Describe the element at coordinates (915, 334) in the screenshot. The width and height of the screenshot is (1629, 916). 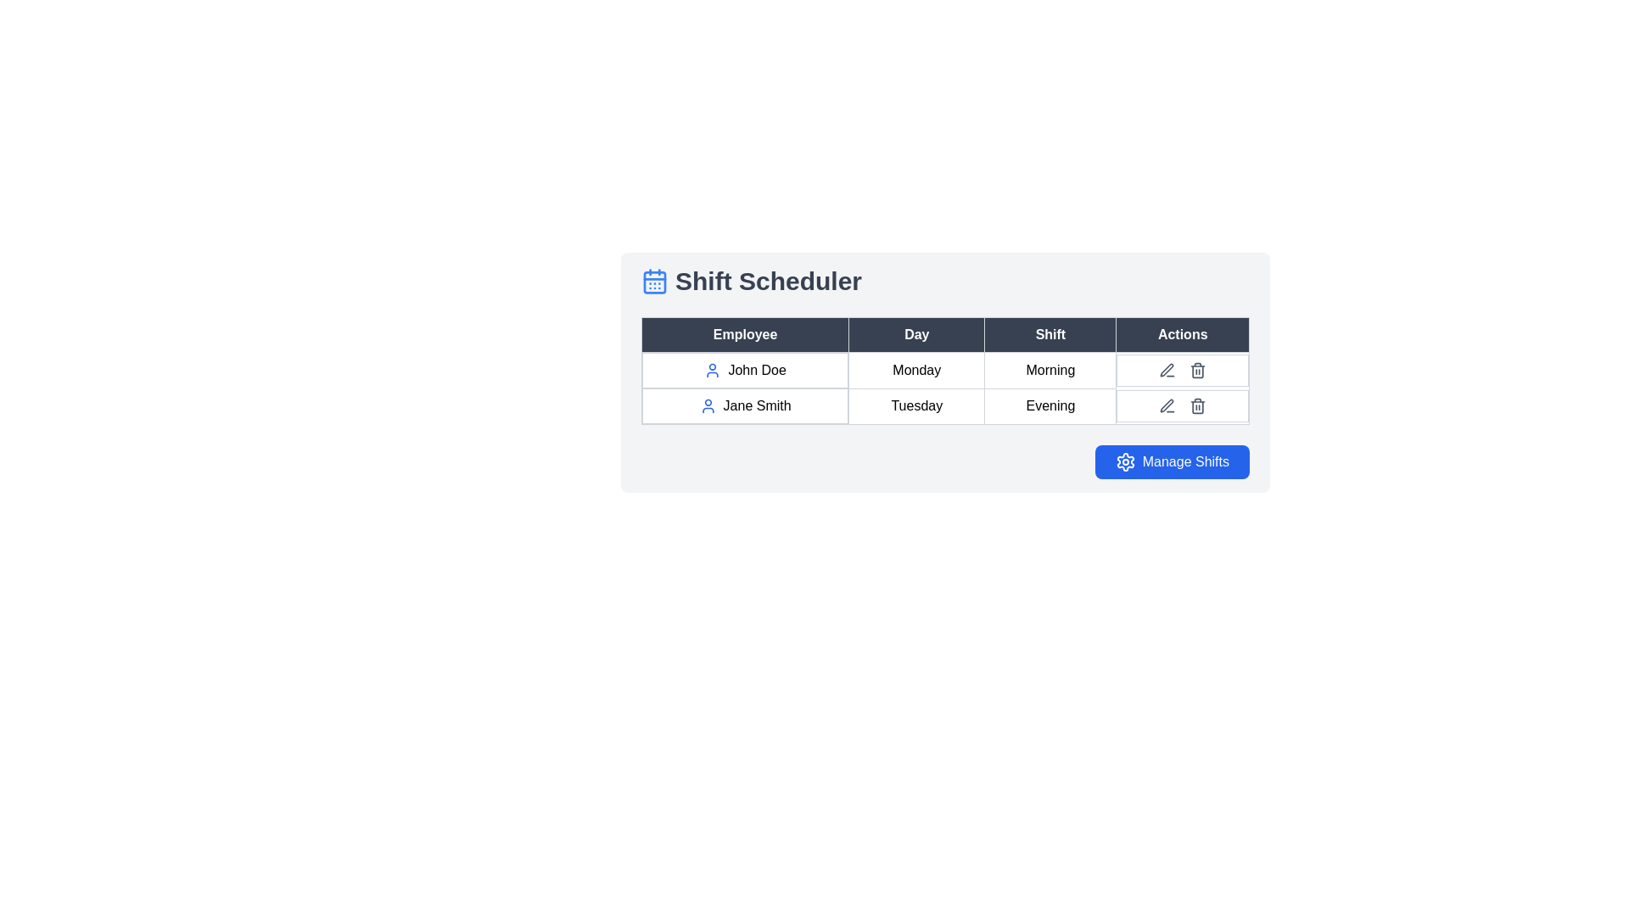
I see `the 'Day' table header, which is a rectangular text header with a dark gray background and white centered text, positioned between the 'Employee' and 'Shift' headers` at that location.